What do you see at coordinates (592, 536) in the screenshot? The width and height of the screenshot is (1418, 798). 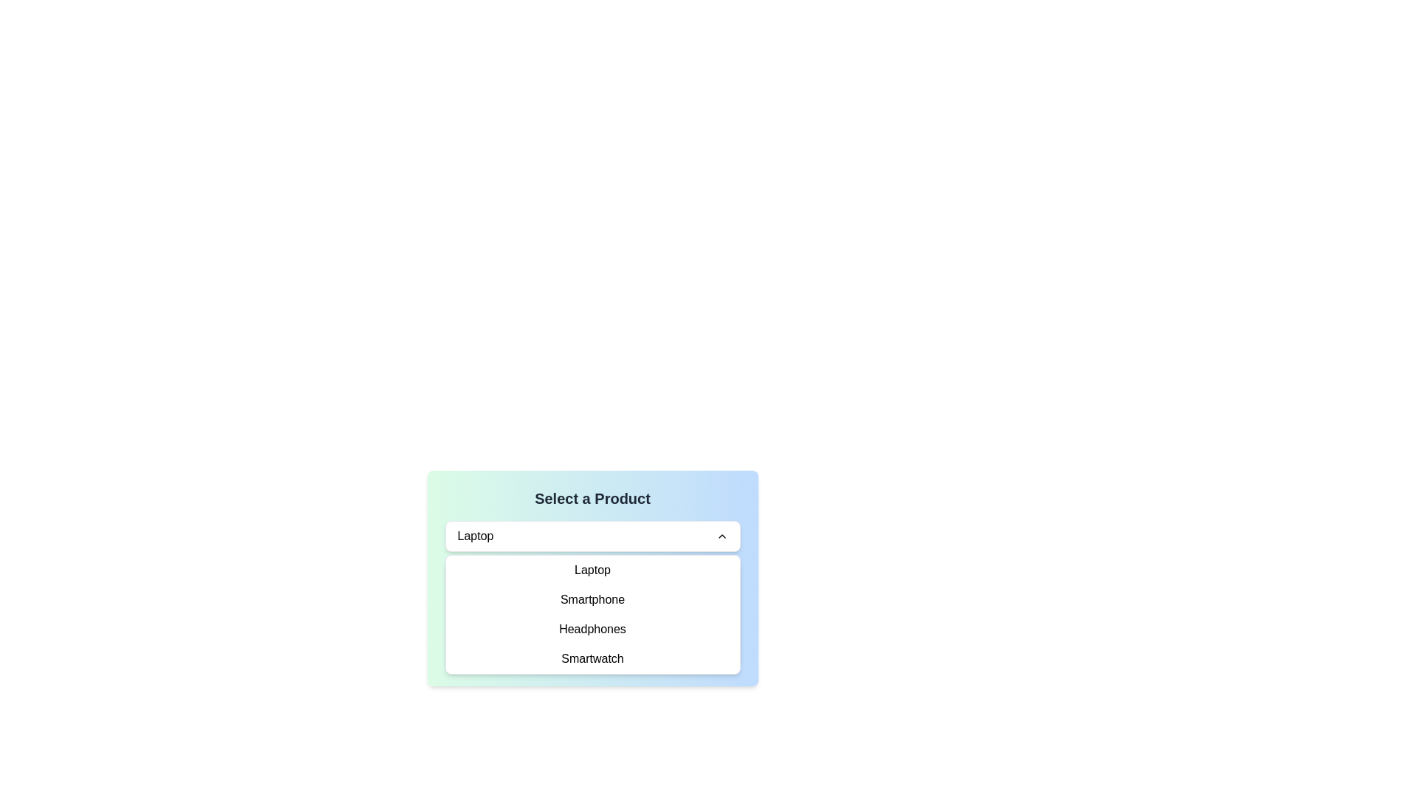 I see `the primary dropdown menu located horizontally centered at the top of the 'Select a Product' interface` at bounding box center [592, 536].